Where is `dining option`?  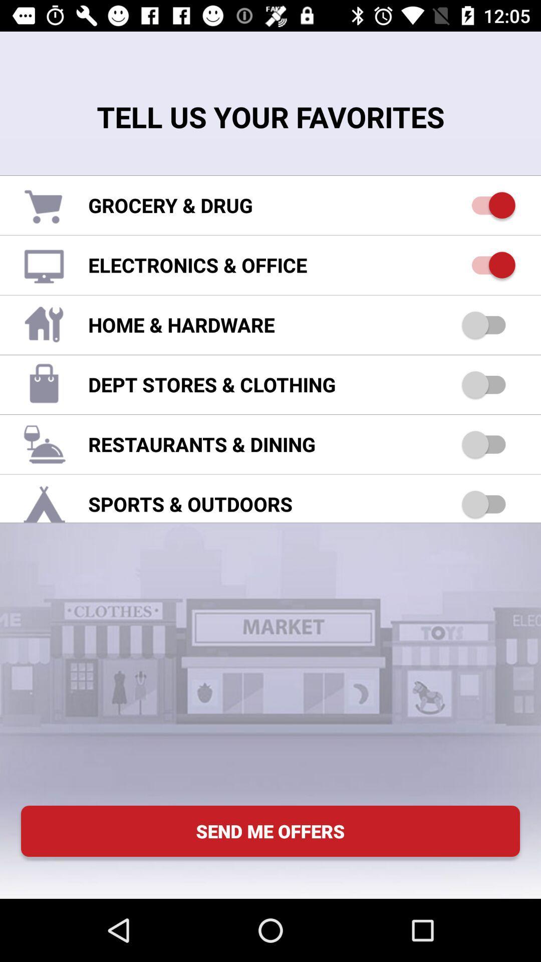 dining option is located at coordinates (488, 443).